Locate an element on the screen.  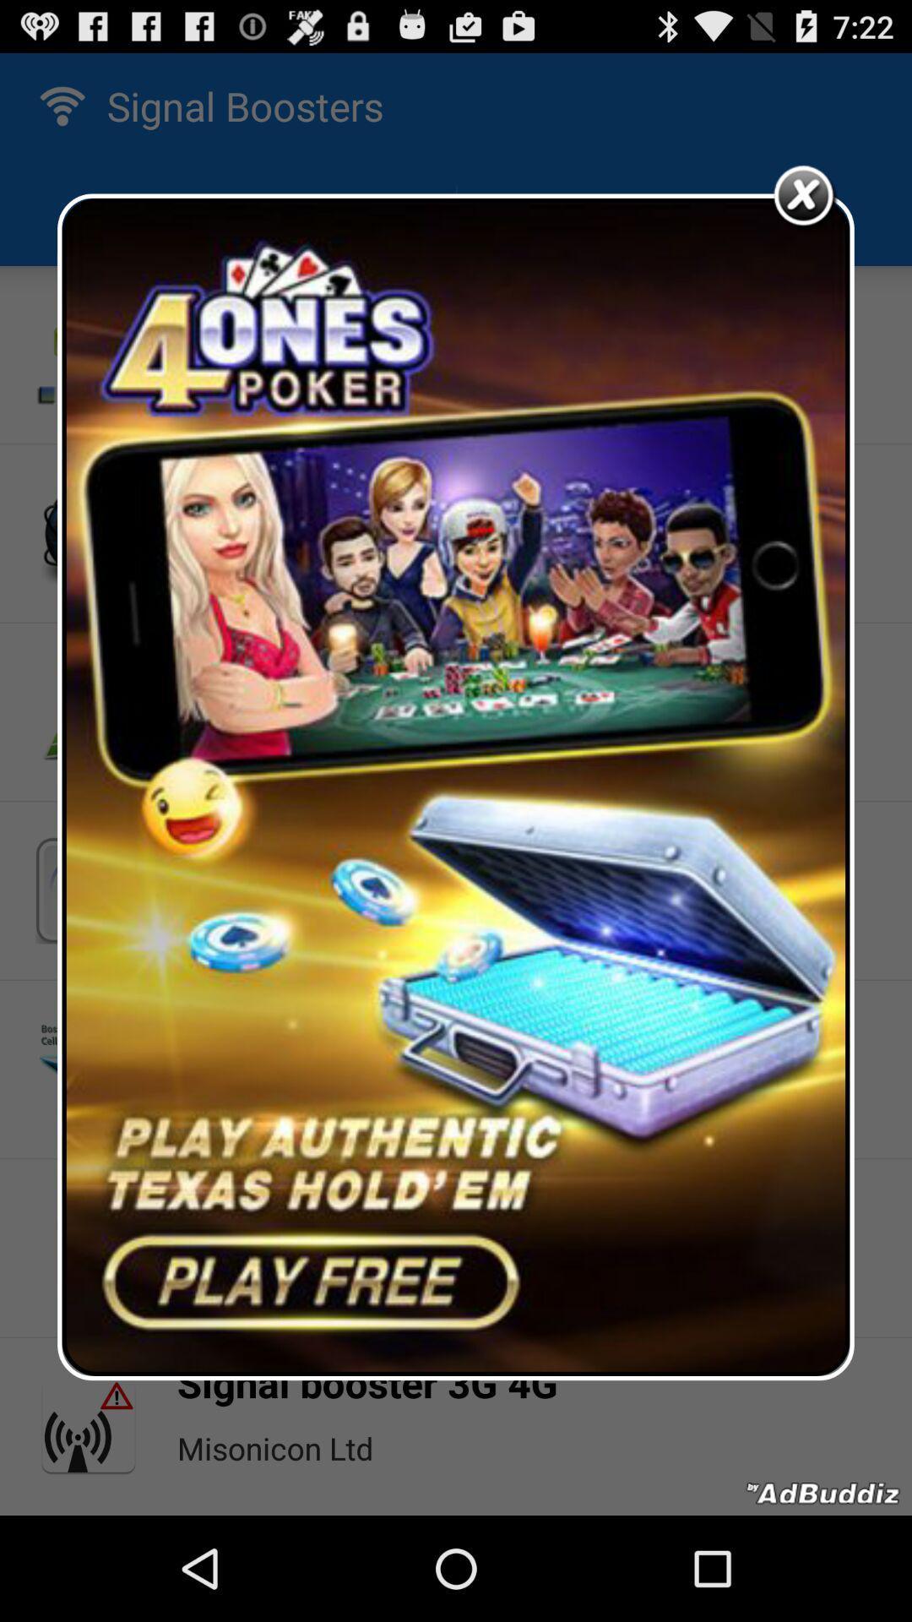
advertisement is located at coordinates (456, 786).